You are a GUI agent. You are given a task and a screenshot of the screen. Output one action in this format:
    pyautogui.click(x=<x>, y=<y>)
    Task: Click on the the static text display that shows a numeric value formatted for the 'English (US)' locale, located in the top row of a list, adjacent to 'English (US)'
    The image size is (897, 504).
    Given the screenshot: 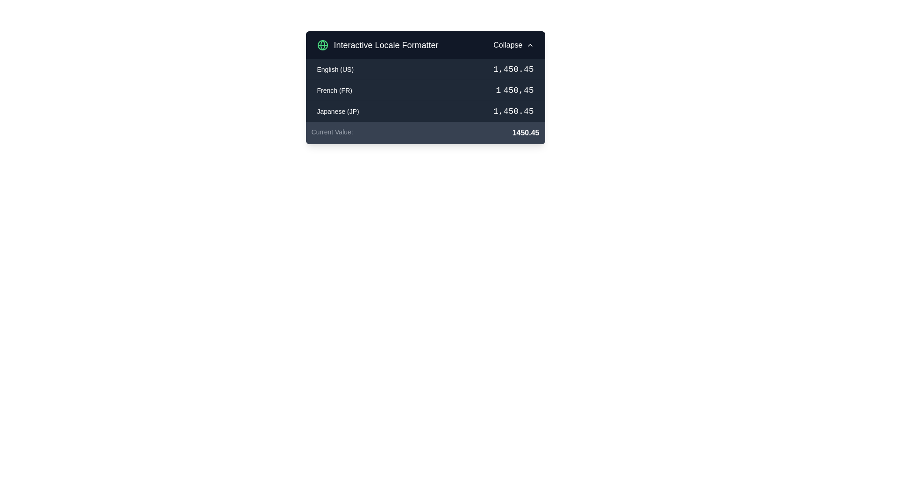 What is the action you would take?
    pyautogui.click(x=513, y=69)
    